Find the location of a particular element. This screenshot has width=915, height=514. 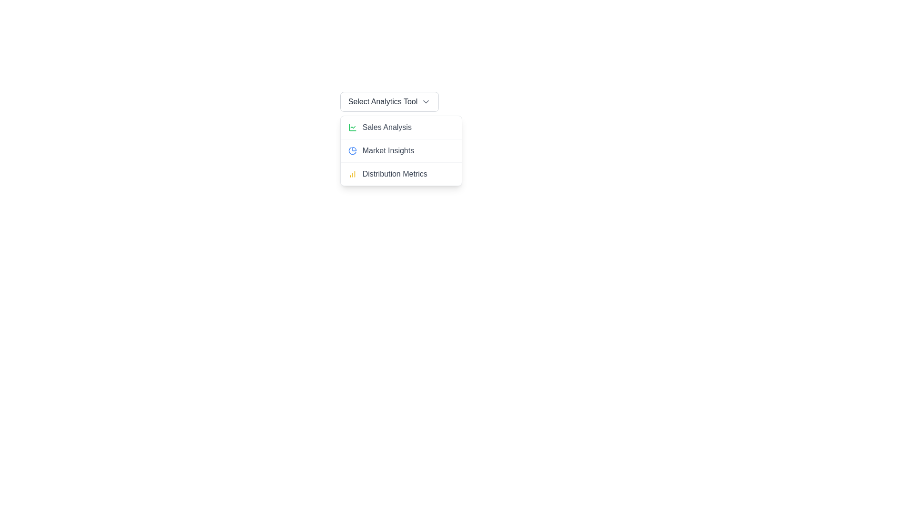

the 'Market Insights' list item located in the dropdown menu, which is the middle item in a vertical list of three items, positioned below 'Sales Analysis' and above 'Distribution Metrics' is located at coordinates (401, 150).